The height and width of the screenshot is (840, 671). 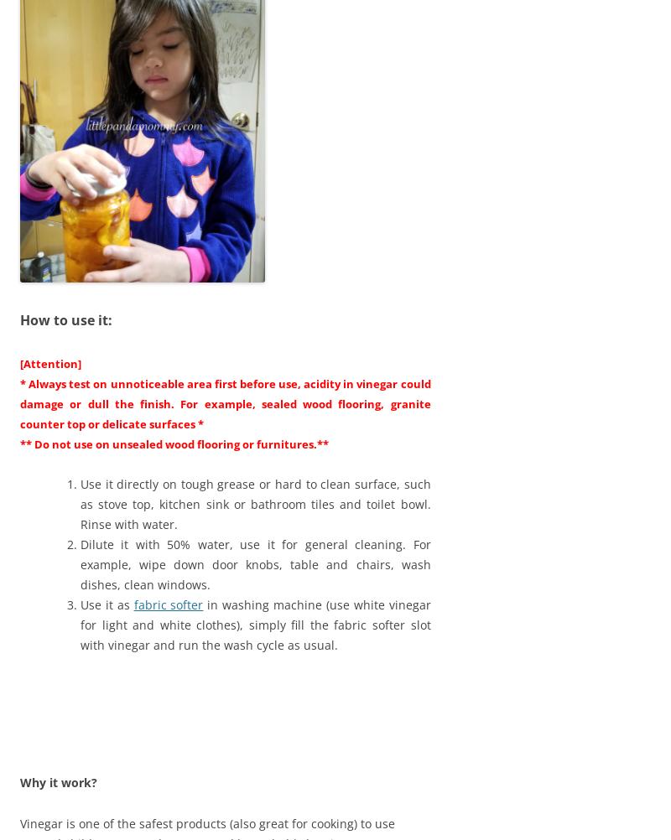 What do you see at coordinates (174, 443) in the screenshot?
I see `'** Do not use on unsealed wood flooring or furnitures.**'` at bounding box center [174, 443].